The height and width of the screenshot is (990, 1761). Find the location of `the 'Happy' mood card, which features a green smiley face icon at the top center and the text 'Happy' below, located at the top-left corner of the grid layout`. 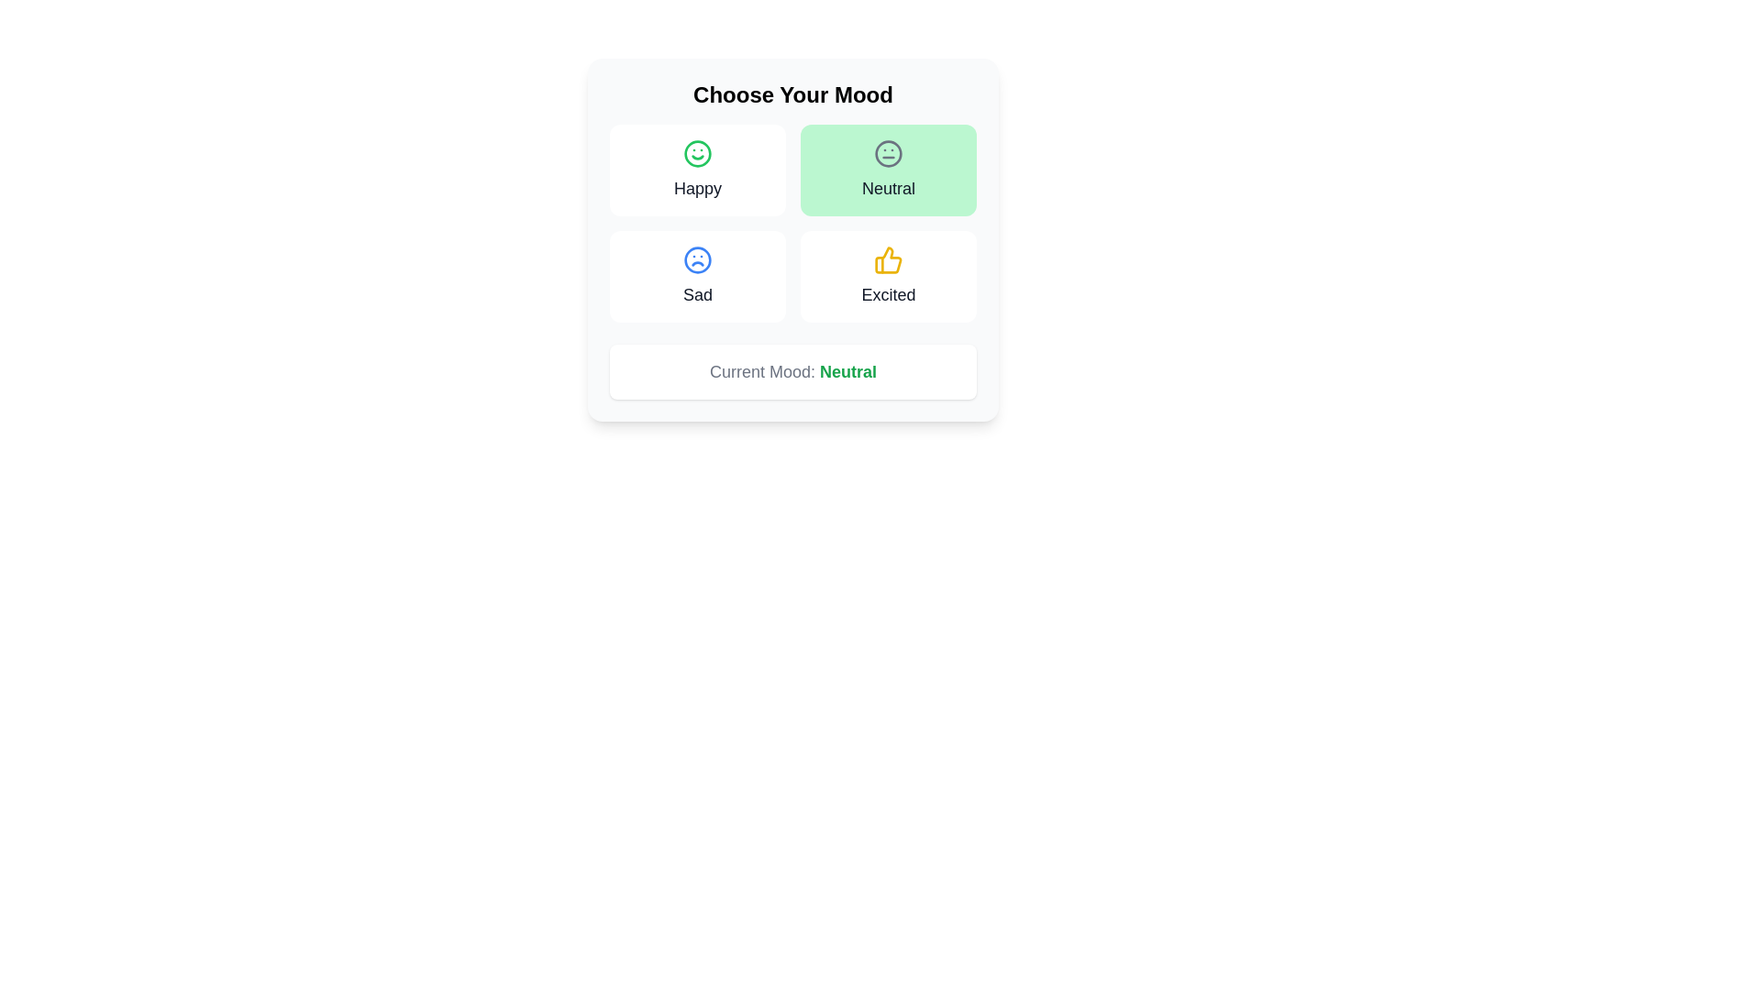

the 'Happy' mood card, which features a green smiley face icon at the top center and the text 'Happy' below, located at the top-left corner of the grid layout is located at coordinates (697, 170).